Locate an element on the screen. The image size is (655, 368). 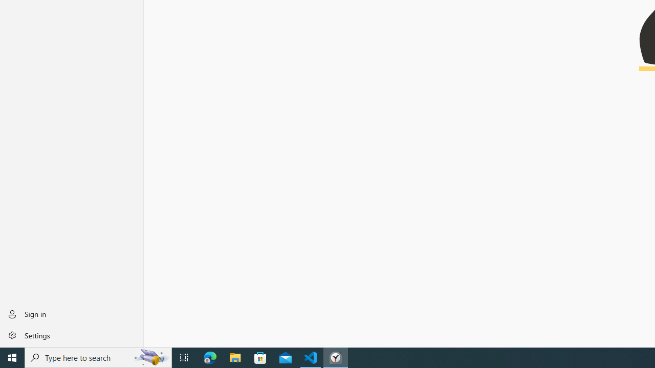
'Task View' is located at coordinates (184, 357).